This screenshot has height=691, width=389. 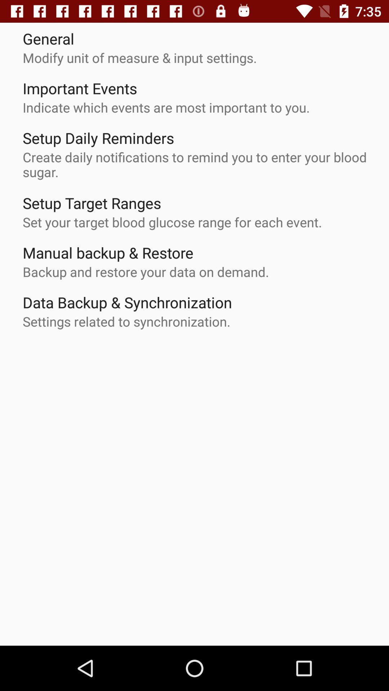 What do you see at coordinates (172, 222) in the screenshot?
I see `the app above the manual backup & restore` at bounding box center [172, 222].